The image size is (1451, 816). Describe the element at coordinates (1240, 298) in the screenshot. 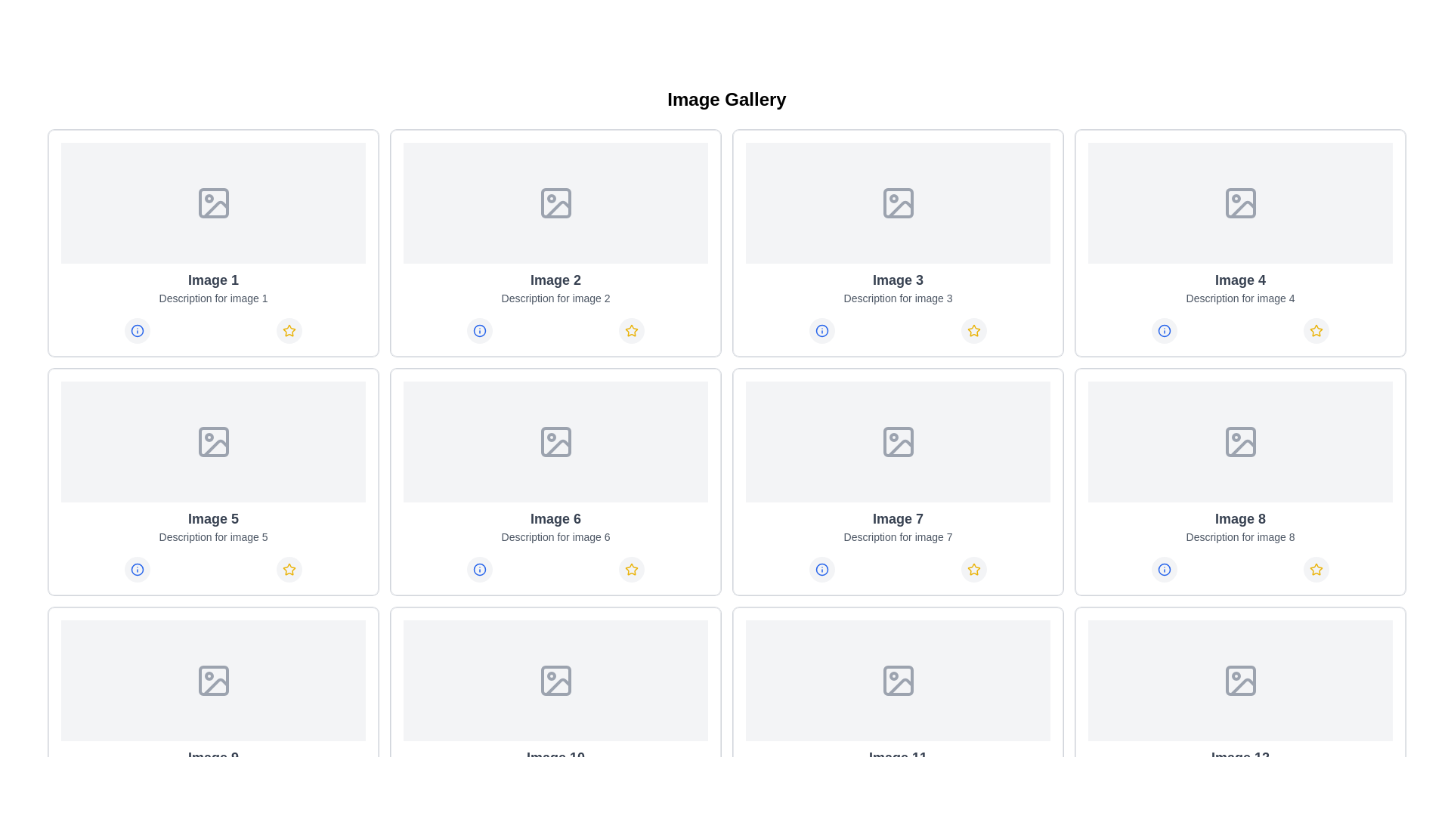

I see `text description located below the title 'Image 4' in the fourth card of the top row of the grid layout` at that location.